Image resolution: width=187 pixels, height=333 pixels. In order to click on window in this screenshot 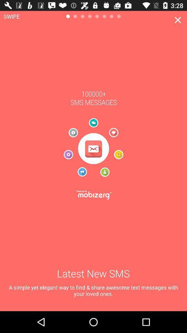, I will do `click(178, 19)`.